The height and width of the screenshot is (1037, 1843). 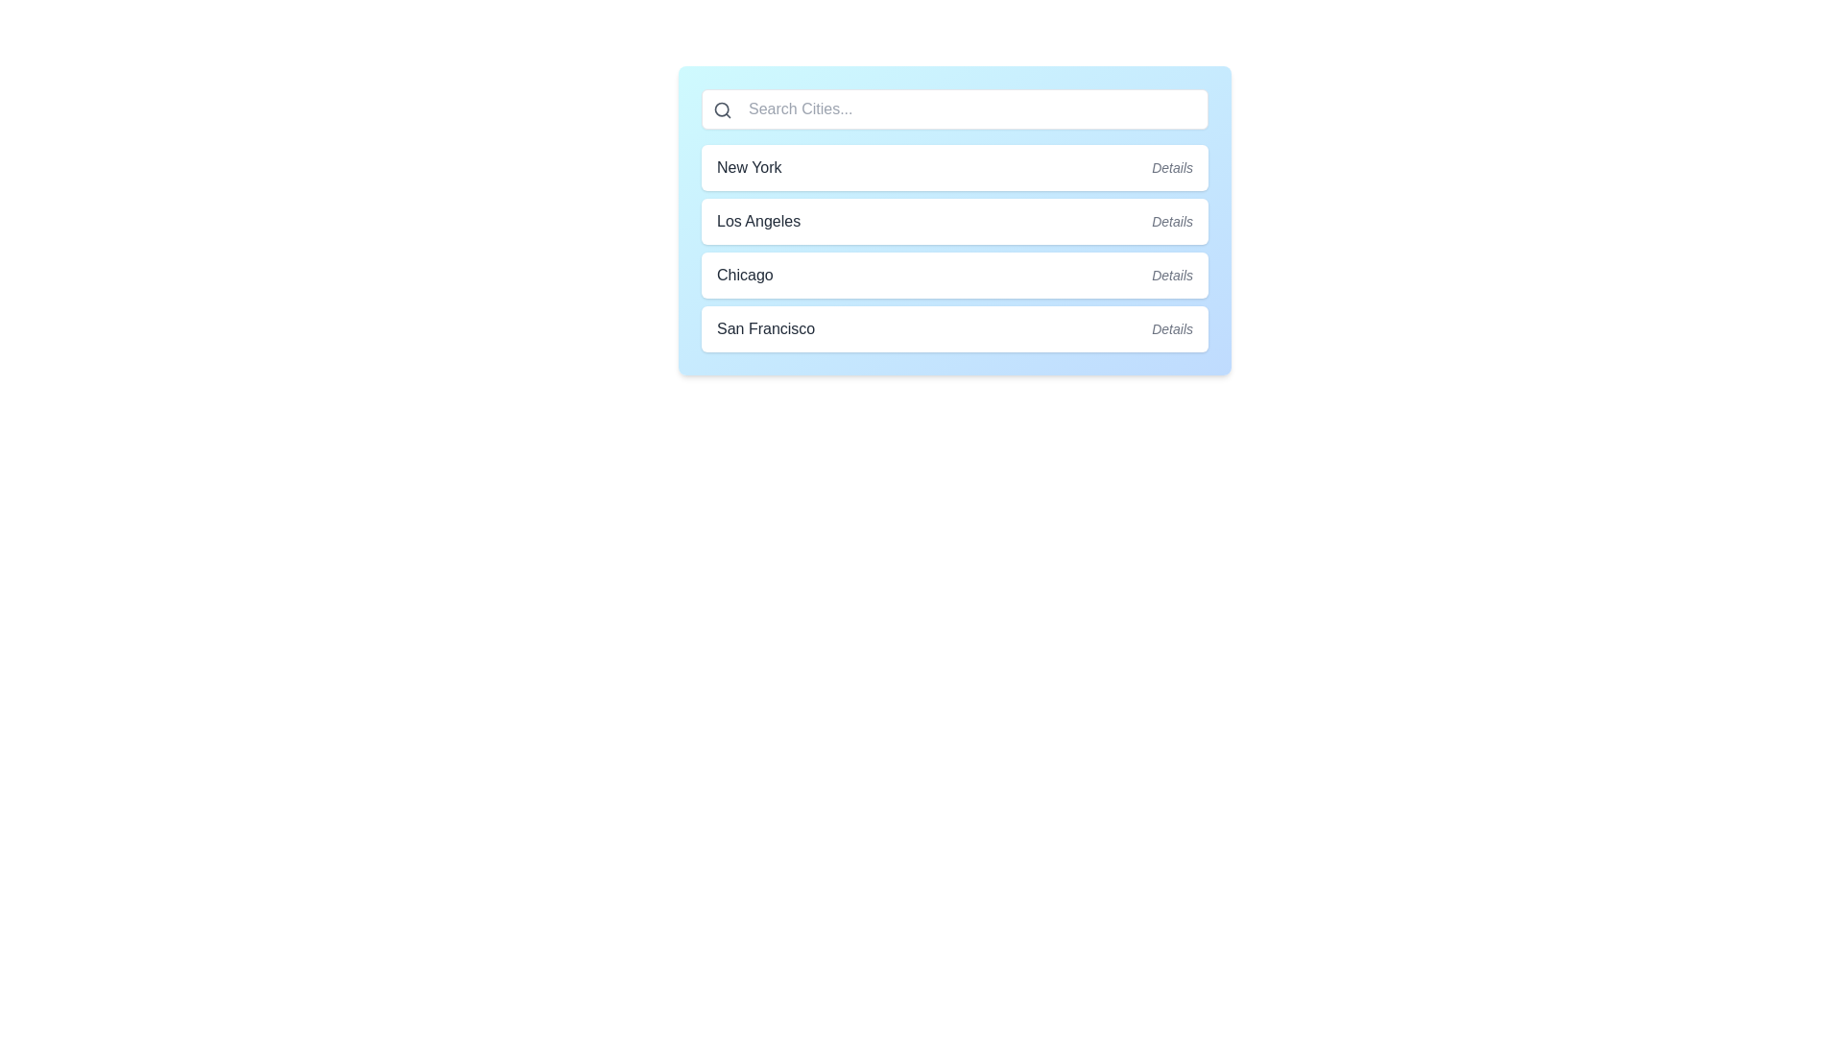 What do you see at coordinates (954, 275) in the screenshot?
I see `the list item displaying 'Chicago' with a medium dark gray font on the left and 'Details' in italic smaller gray font on the right, which is the third item in a vertical list` at bounding box center [954, 275].